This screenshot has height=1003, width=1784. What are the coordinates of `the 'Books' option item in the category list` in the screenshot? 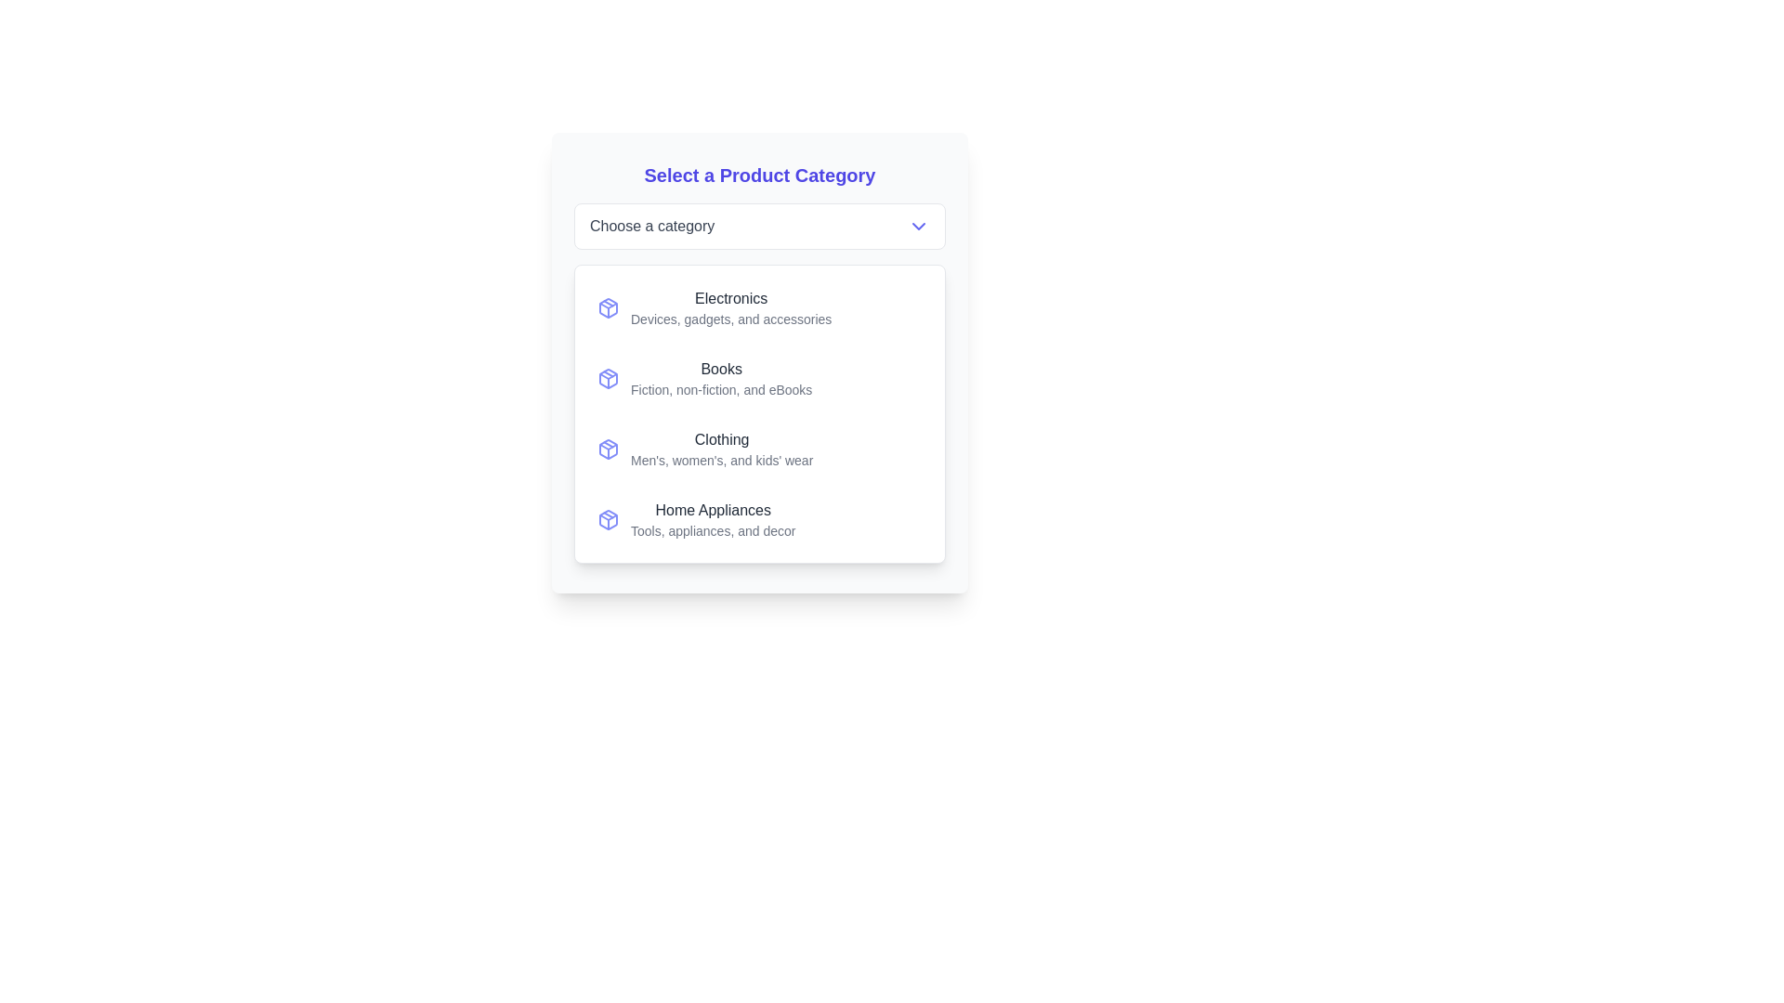 It's located at (759, 378).